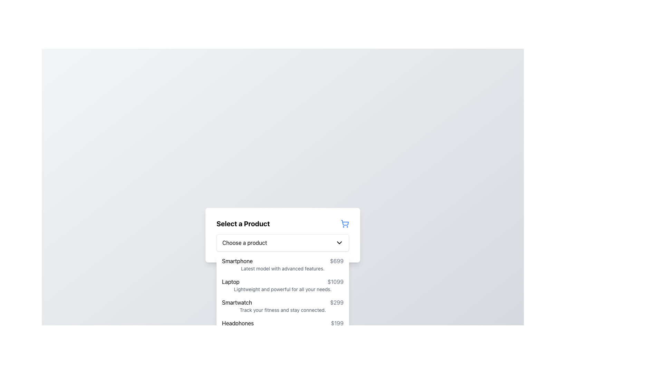 The width and height of the screenshot is (663, 373). Describe the element at coordinates (337, 302) in the screenshot. I see `the price text label displaying '$299', which is part of a grid layout and is aligned to the right next to the 'Smartwatch' text` at that location.